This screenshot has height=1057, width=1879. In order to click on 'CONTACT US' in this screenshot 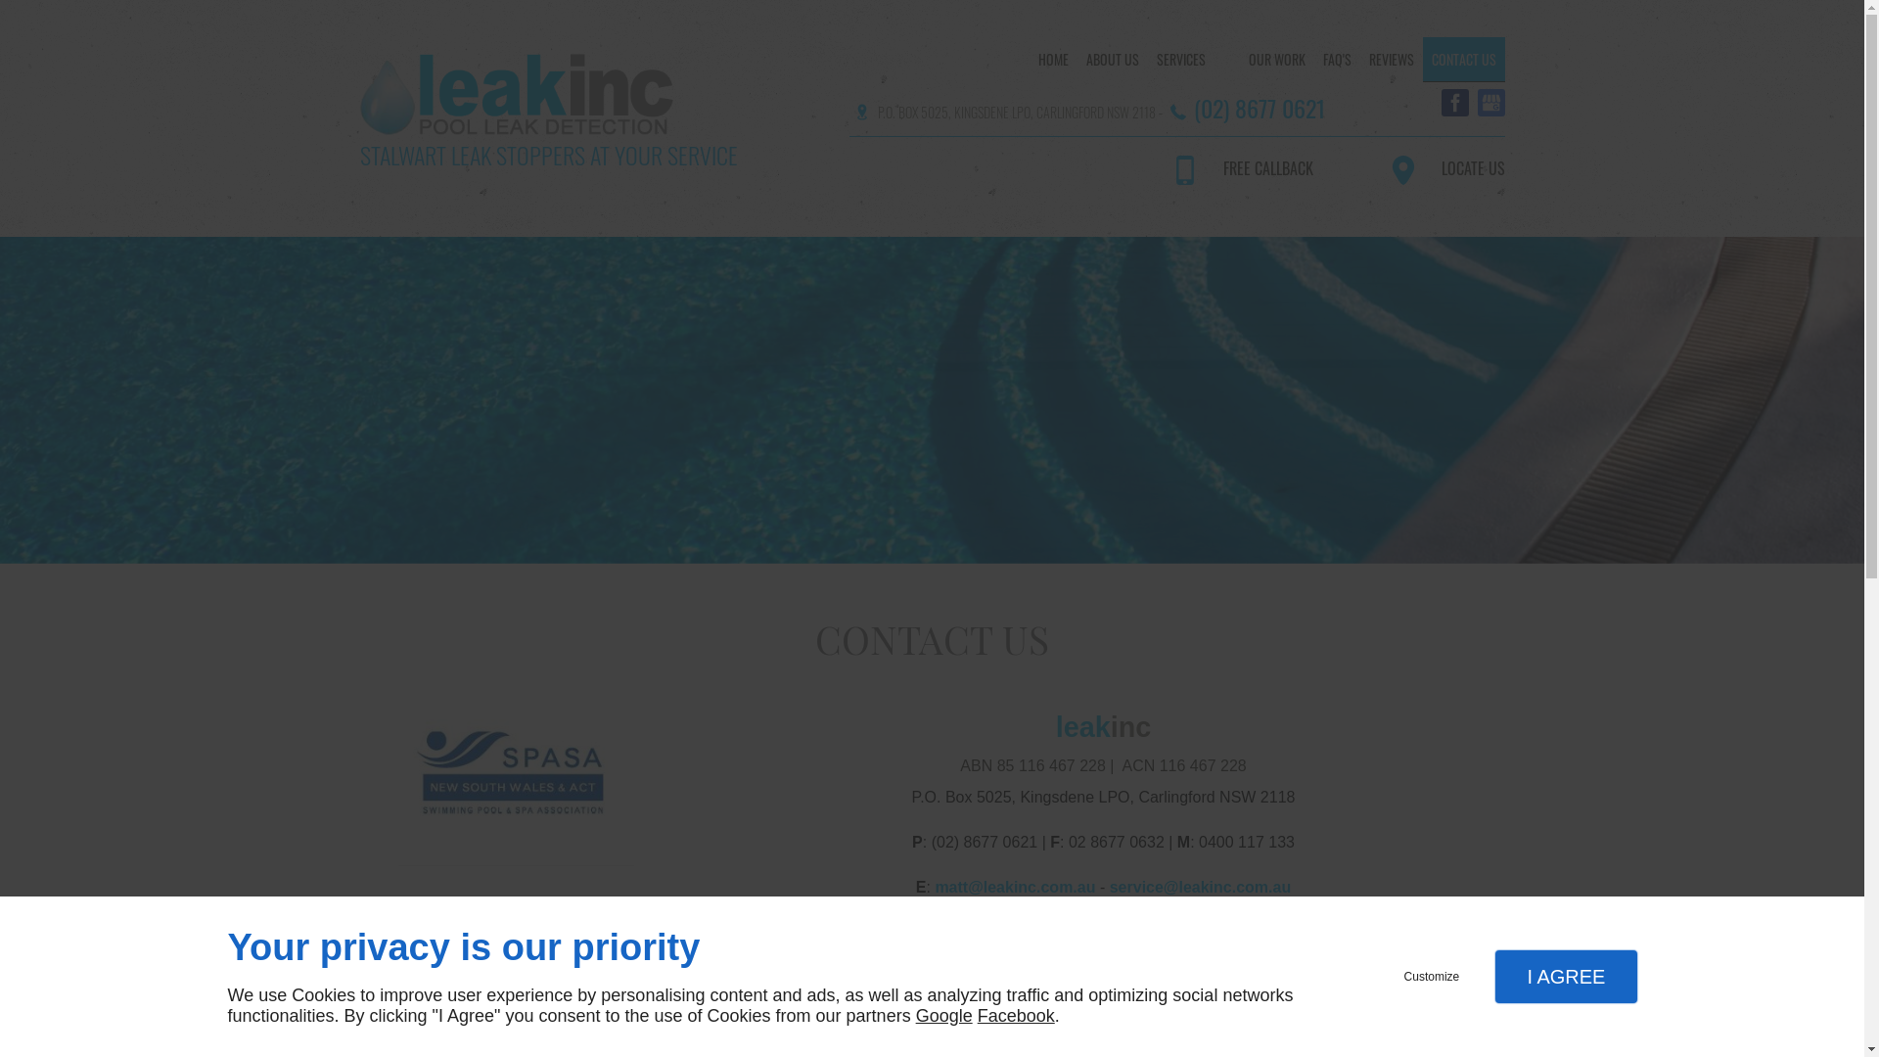, I will do `click(1464, 59)`.